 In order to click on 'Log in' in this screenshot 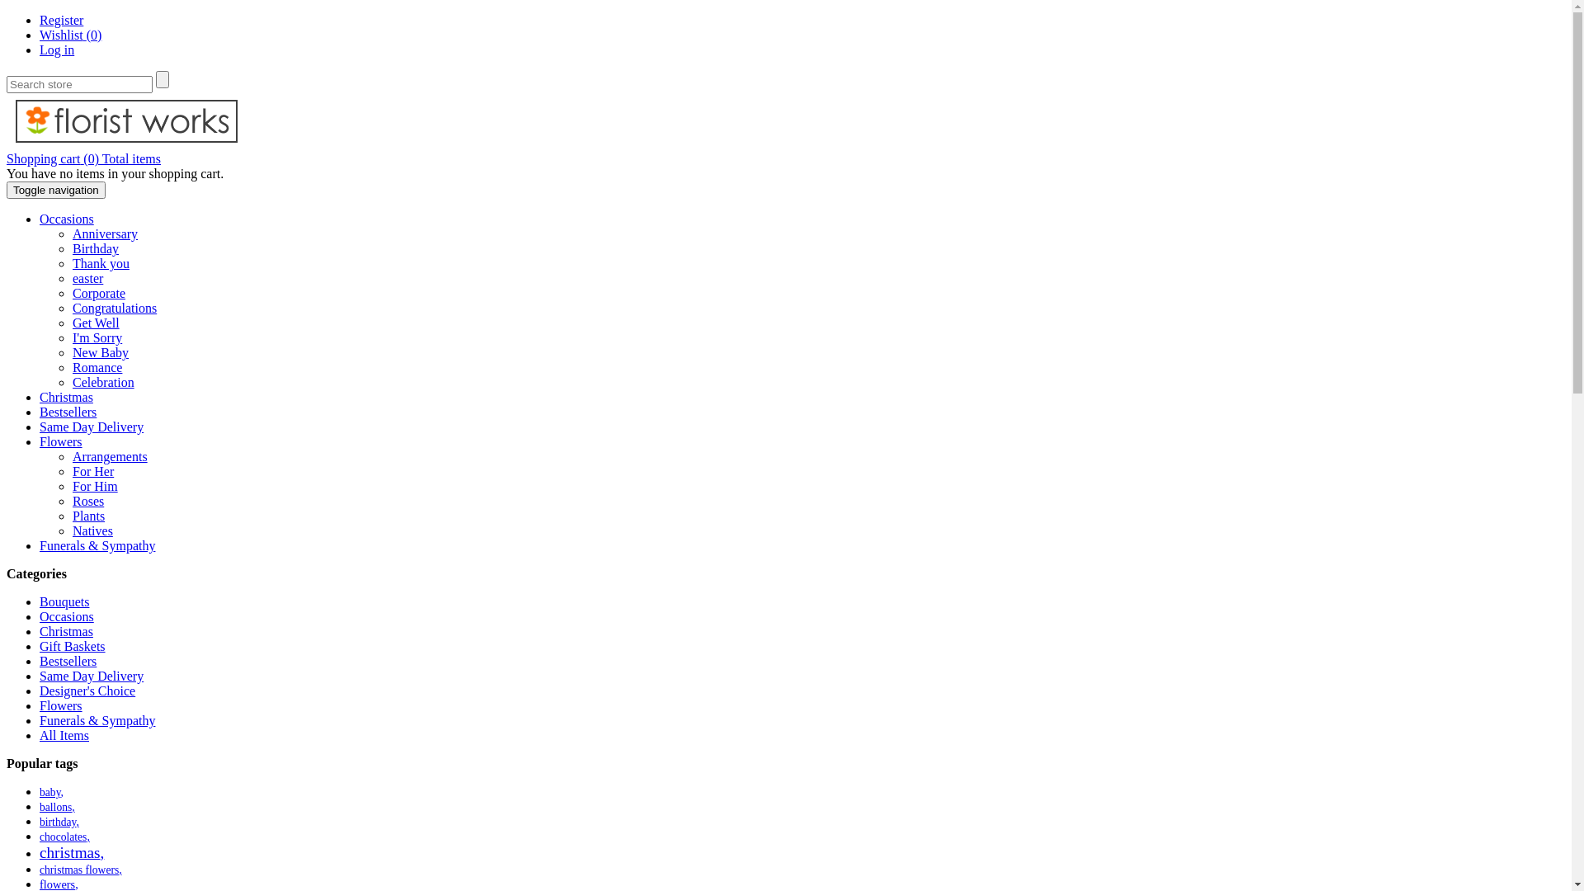, I will do `click(56, 49)`.